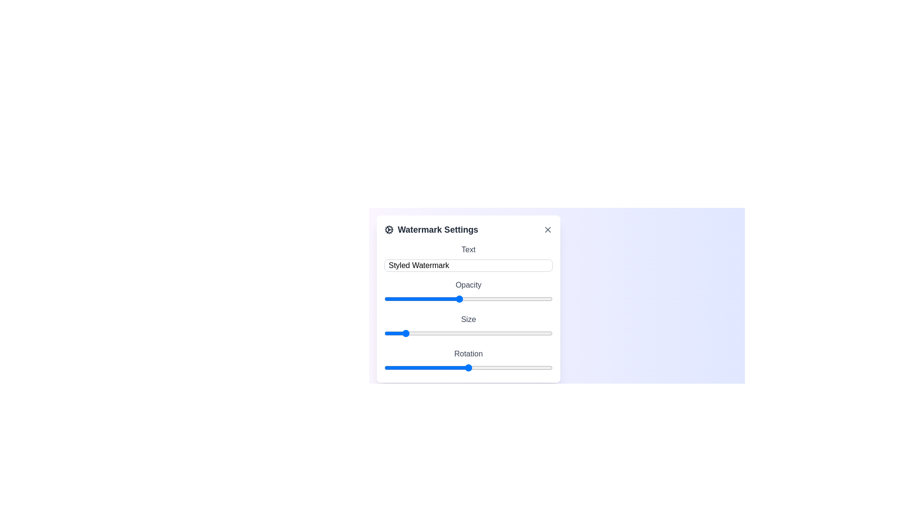  Describe the element at coordinates (389, 230) in the screenshot. I see `the settings icon, which resembles a cogwheel and is located to the left of the 'Watermark Settings' text in the header section of the settings dialog` at that location.